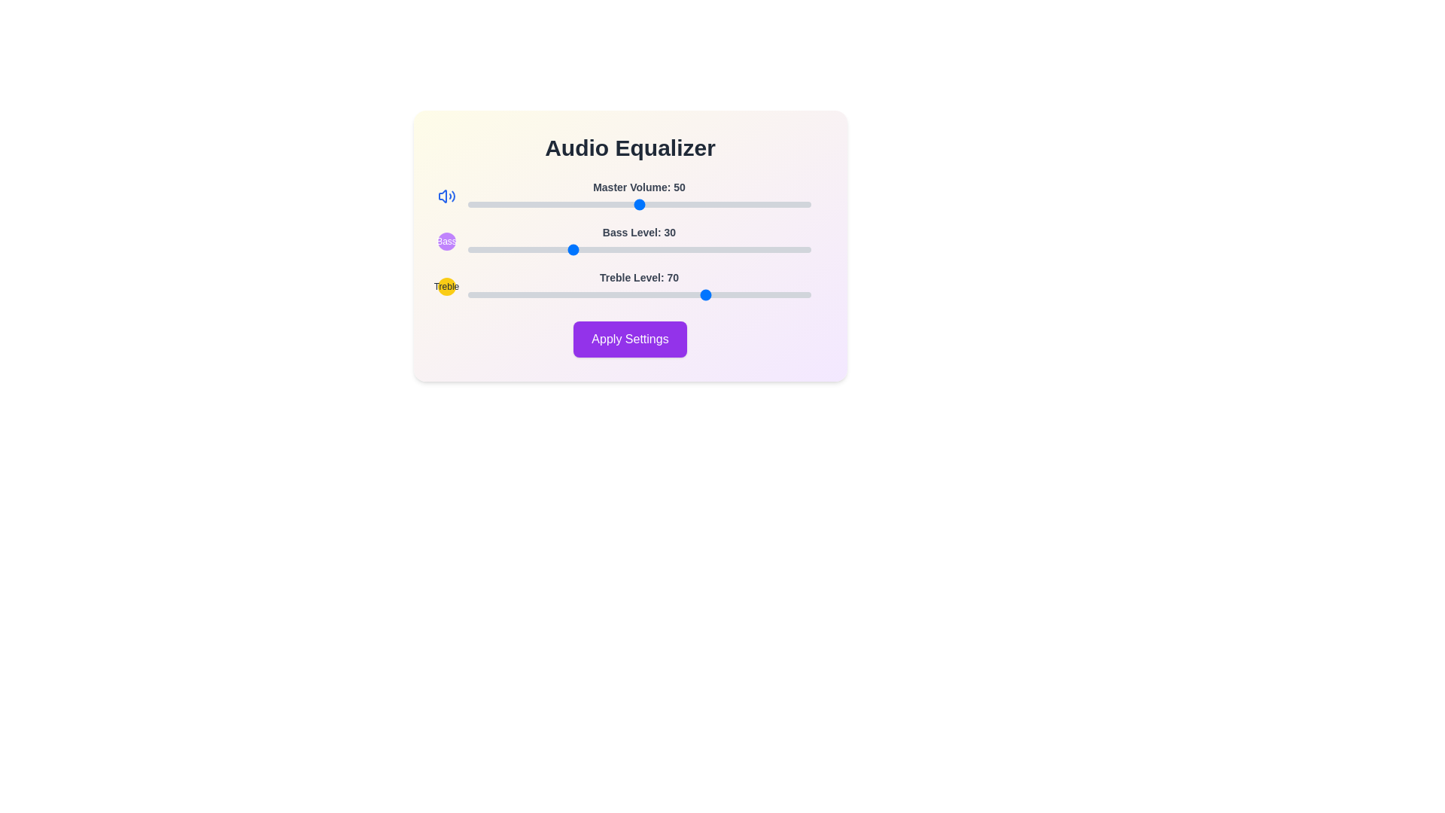  Describe the element at coordinates (659, 205) in the screenshot. I see `the master volume` at that location.